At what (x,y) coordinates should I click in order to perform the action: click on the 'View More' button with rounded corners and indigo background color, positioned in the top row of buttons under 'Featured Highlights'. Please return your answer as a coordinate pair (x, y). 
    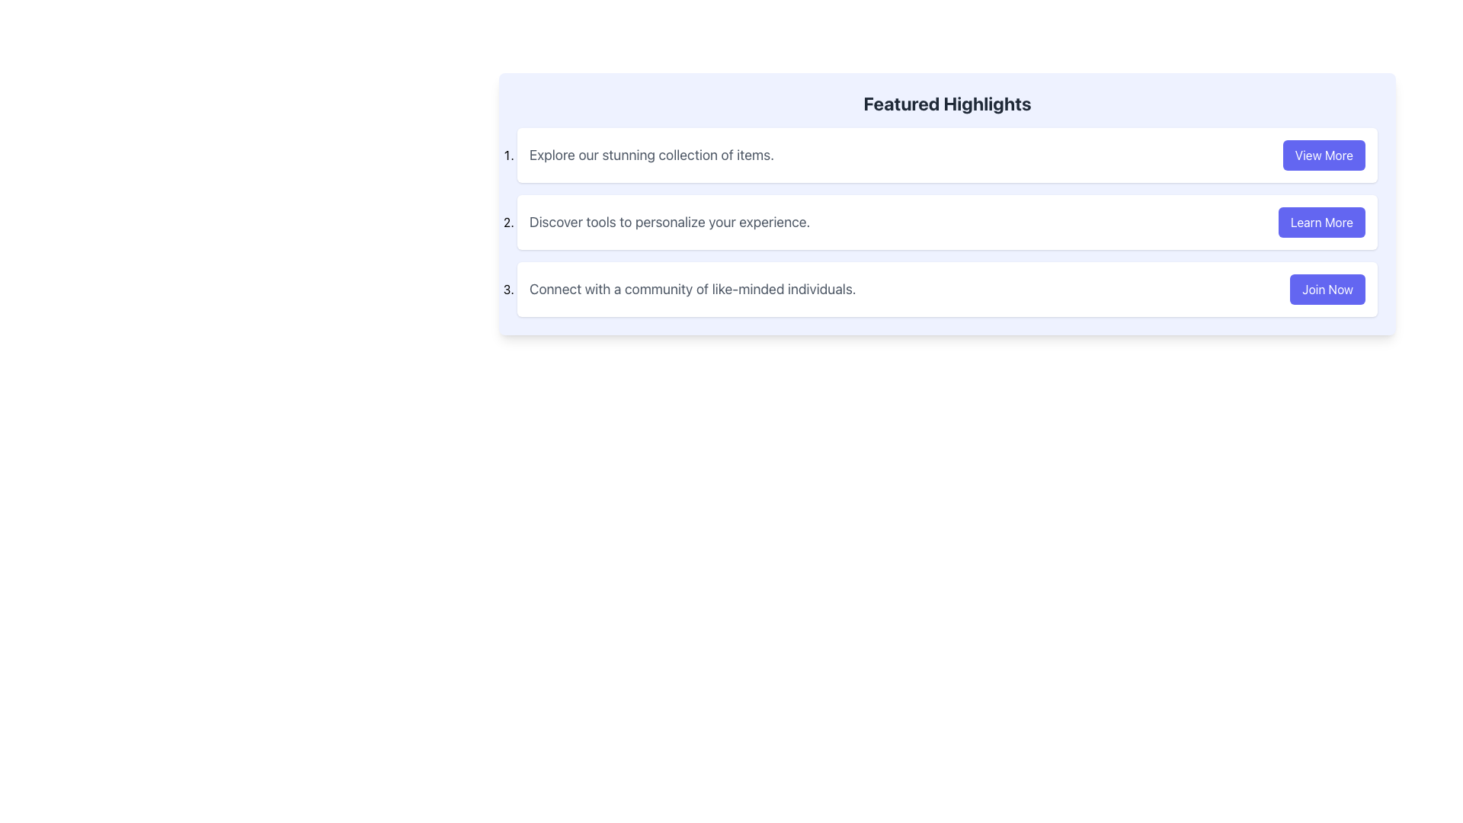
    Looking at the image, I should click on (1323, 155).